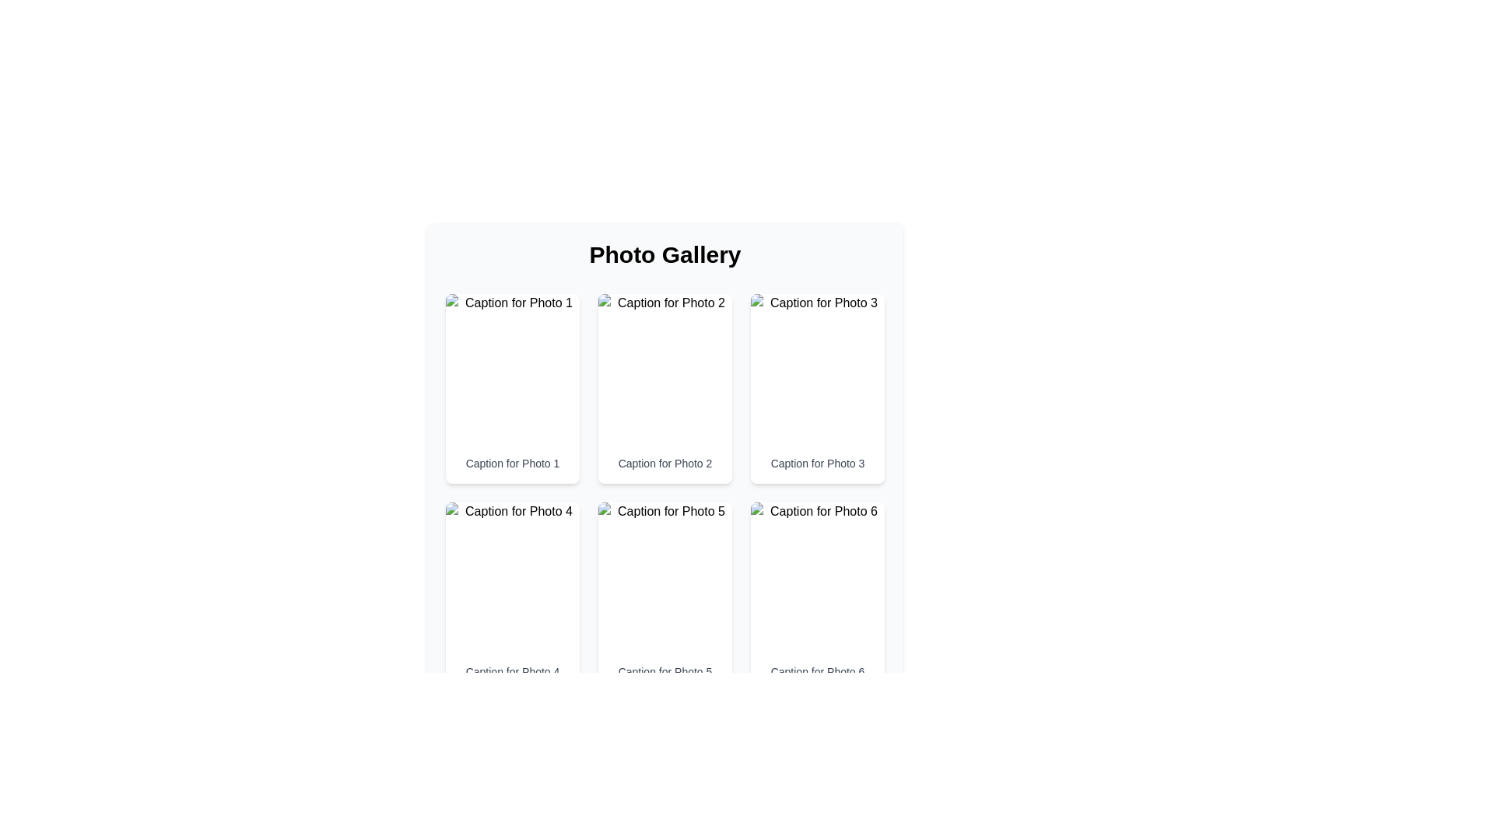 Image resolution: width=1494 pixels, height=840 pixels. I want to click on text caption located in the second row, first column, directly below the image placeholder labeled 'Photo 4' in the photo gallery grid, so click(512, 671).